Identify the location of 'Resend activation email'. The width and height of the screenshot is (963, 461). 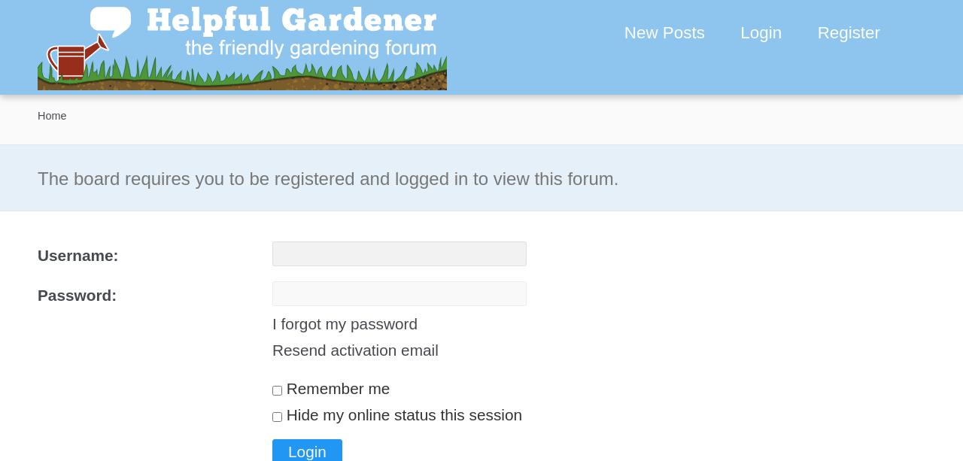
(354, 350).